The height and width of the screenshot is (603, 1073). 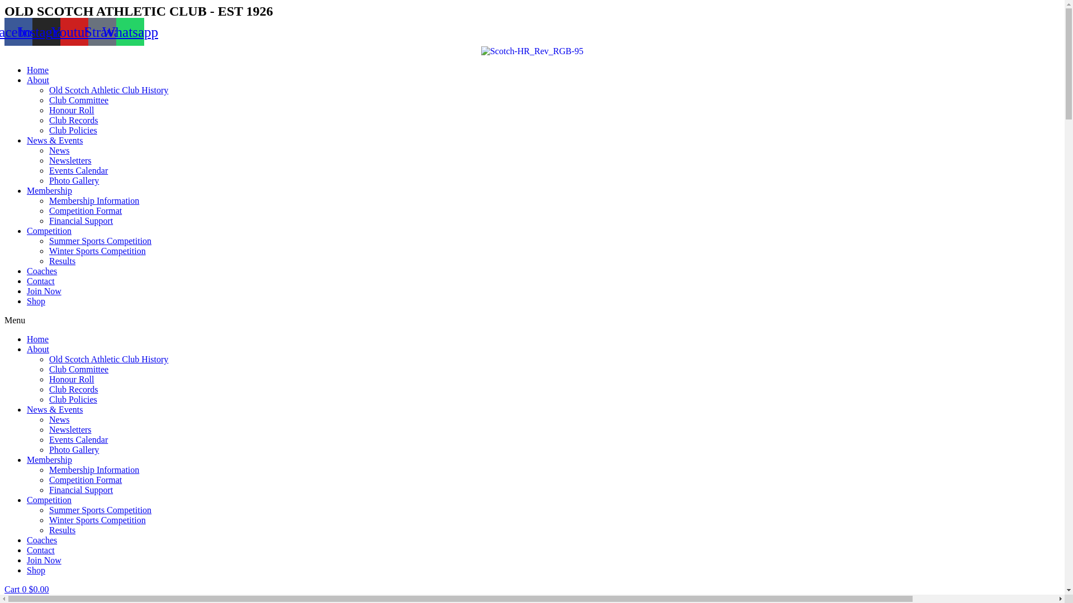 I want to click on 'Strava', so click(x=102, y=31).